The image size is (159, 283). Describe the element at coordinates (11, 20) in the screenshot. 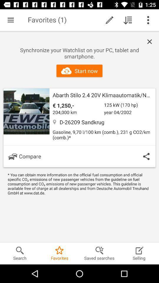

I see `the item to the left of favorites (1)` at that location.